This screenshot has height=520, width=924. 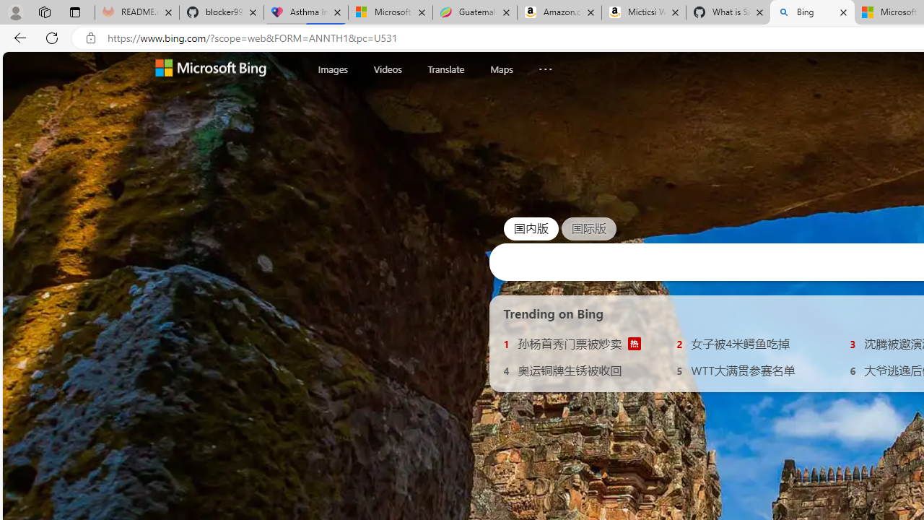 What do you see at coordinates (544, 66) in the screenshot?
I see `'More'` at bounding box center [544, 66].